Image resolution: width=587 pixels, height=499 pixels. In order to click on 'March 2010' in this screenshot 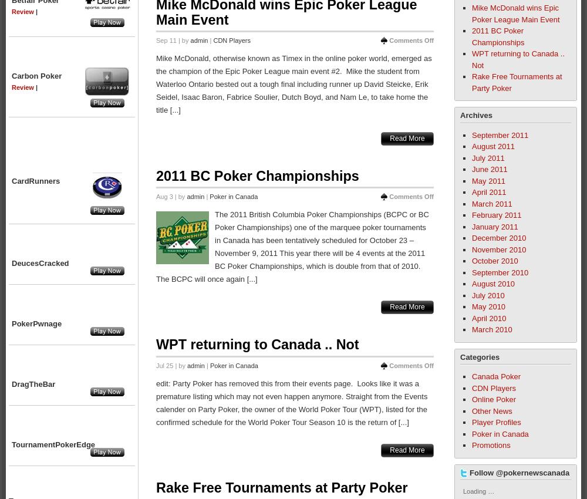, I will do `click(491, 329)`.